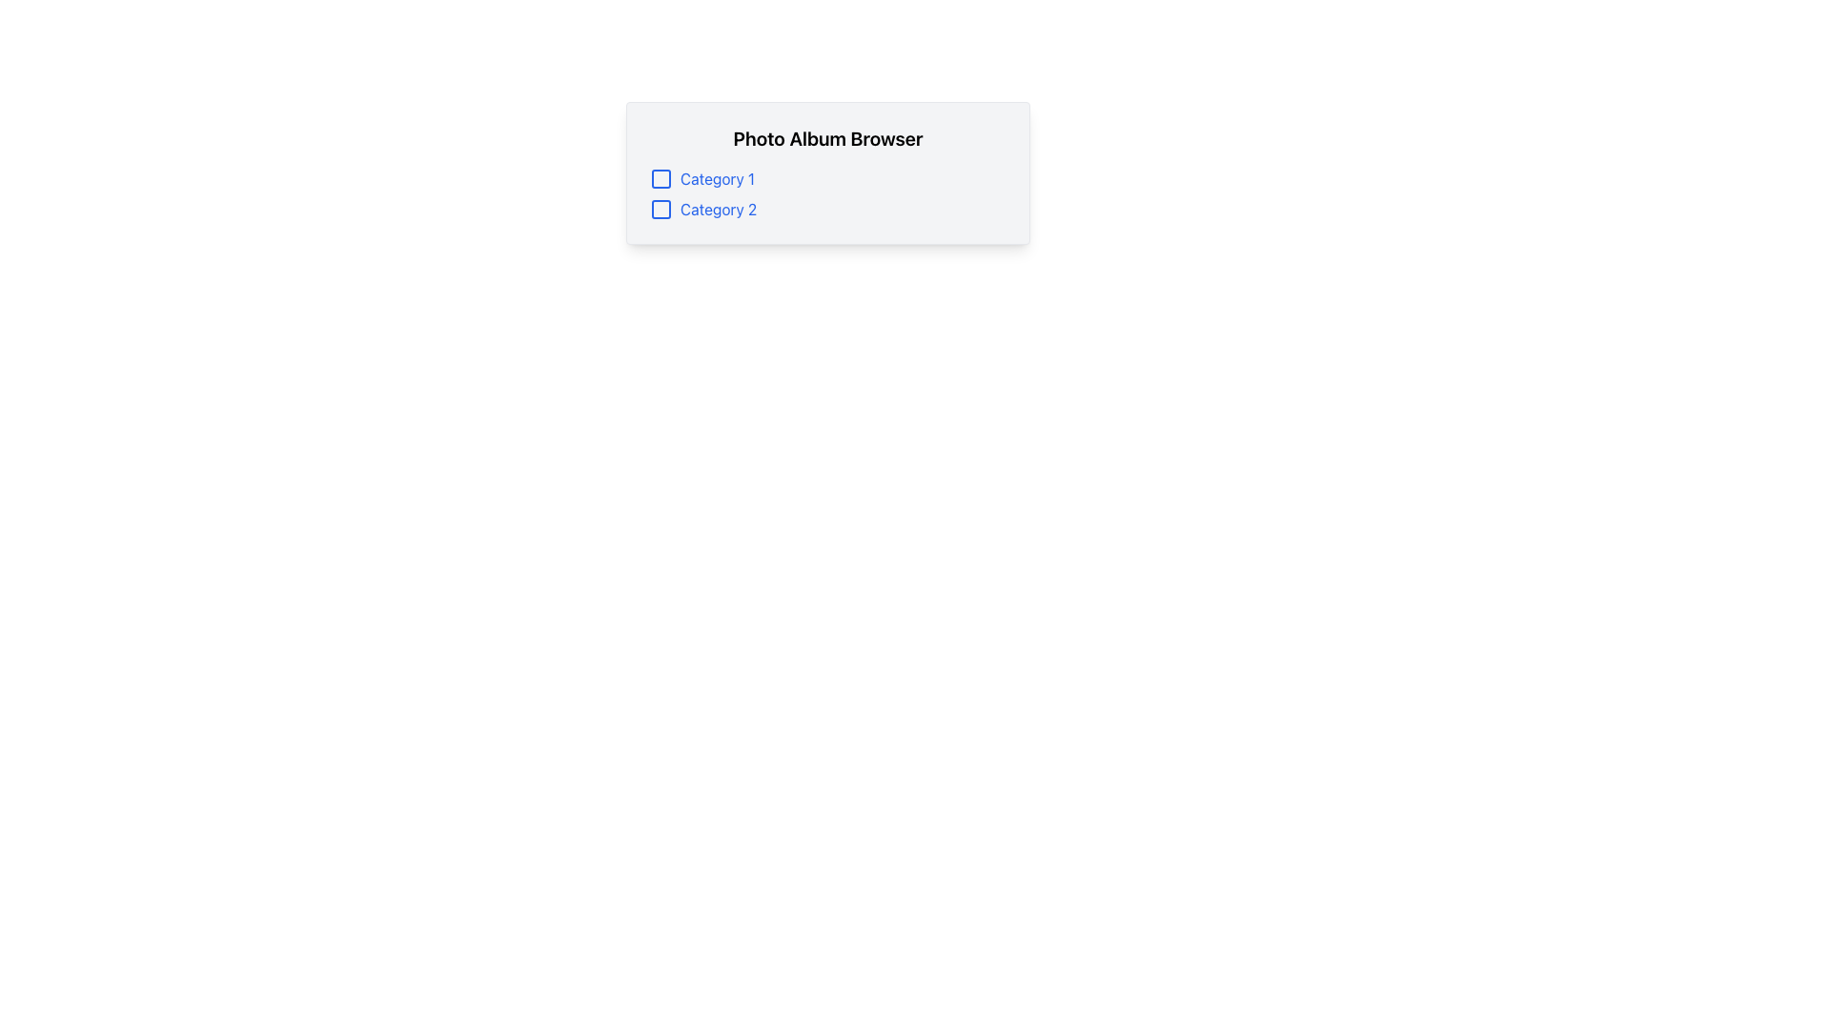 This screenshot has height=1029, width=1830. Describe the element at coordinates (661, 209) in the screenshot. I see `the square checkbox with a rounded border located adjacent to the text 'Category 2'` at that location.